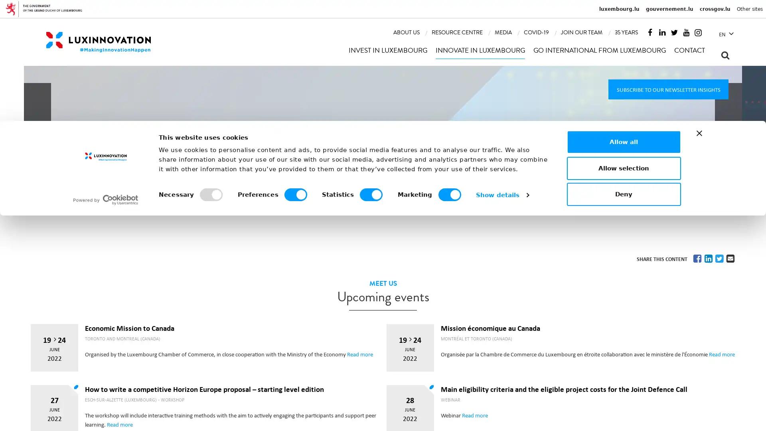 Image resolution: width=766 pixels, height=431 pixels. What do you see at coordinates (623, 409) in the screenshot?
I see `Deny` at bounding box center [623, 409].